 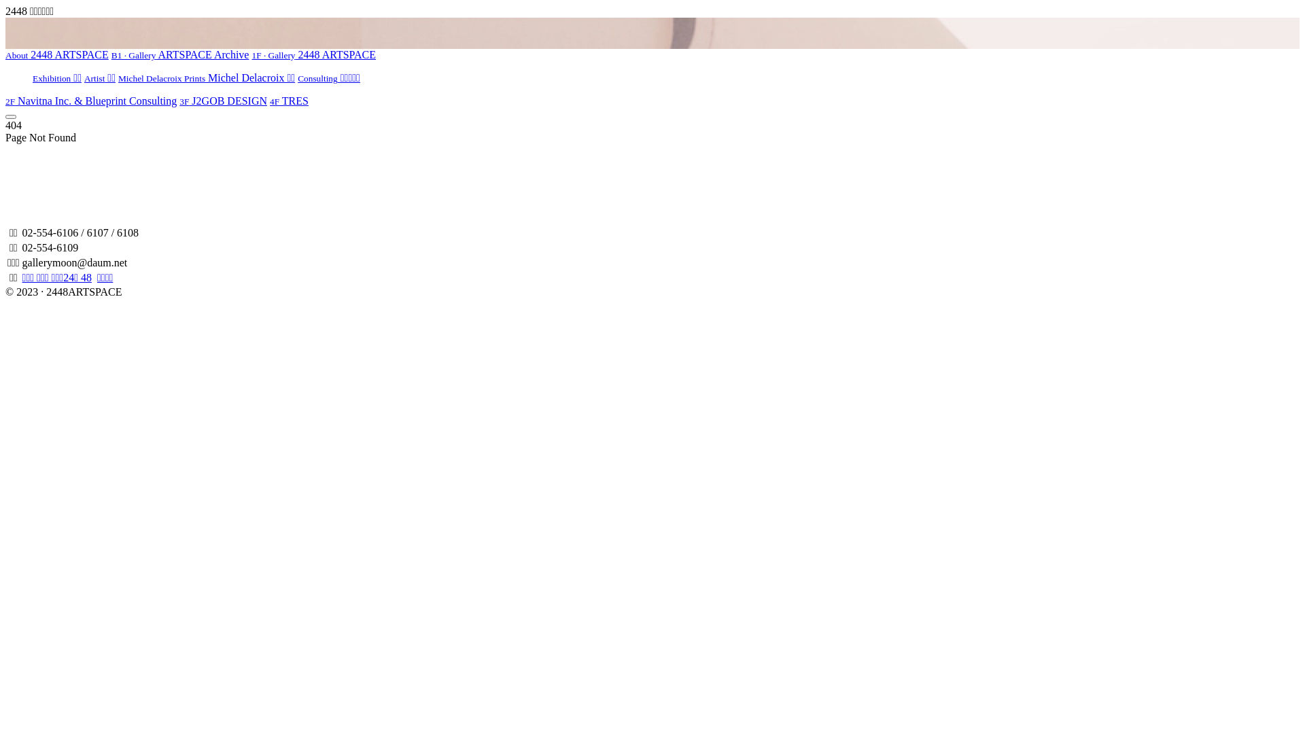 What do you see at coordinates (270, 100) in the screenshot?
I see `'4F TRES'` at bounding box center [270, 100].